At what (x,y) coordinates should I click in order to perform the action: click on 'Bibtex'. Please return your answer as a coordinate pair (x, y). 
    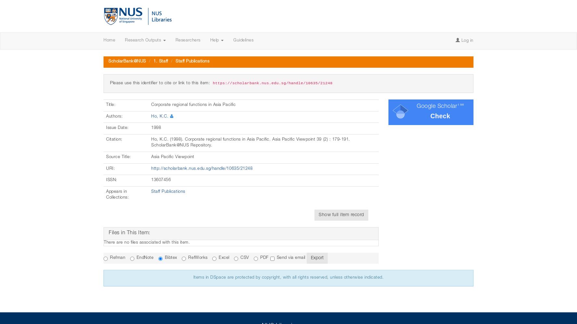
    Looking at the image, I should click on (164, 258).